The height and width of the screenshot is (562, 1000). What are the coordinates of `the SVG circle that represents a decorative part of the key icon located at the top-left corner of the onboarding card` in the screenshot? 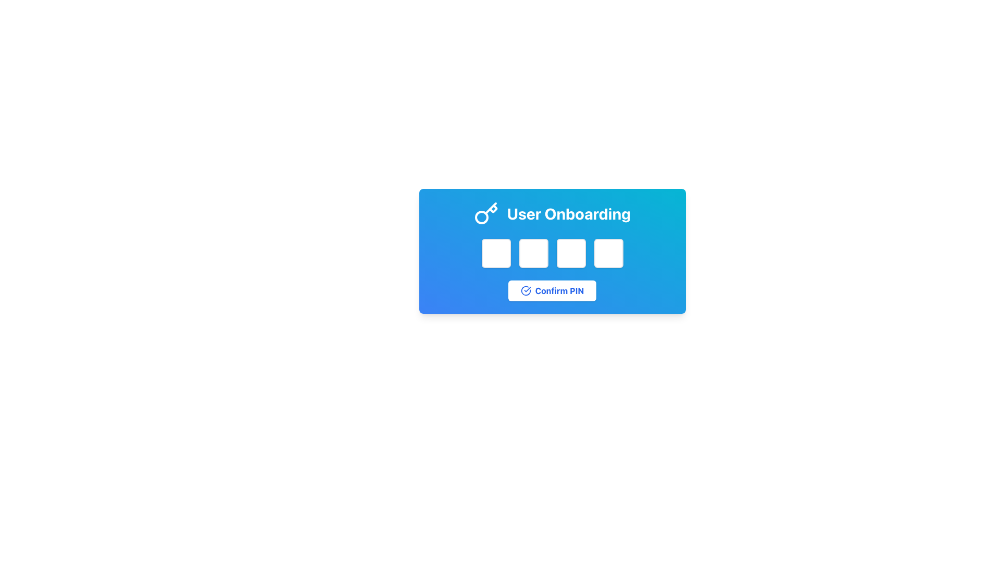 It's located at (481, 216).